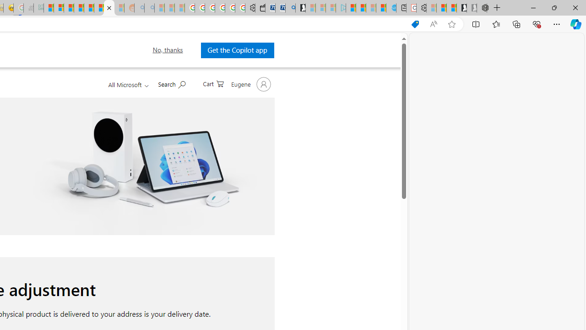 Image resolution: width=586 pixels, height=330 pixels. I want to click on 'Cheap Car Rentals - Save70.com', so click(280, 8).